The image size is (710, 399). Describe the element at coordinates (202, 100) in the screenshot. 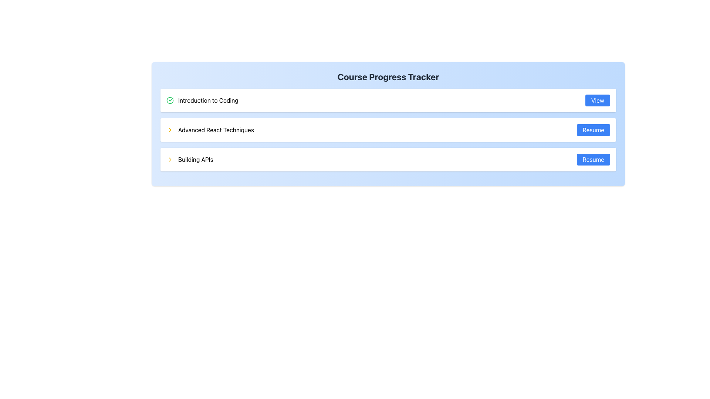

I see `the label with the title 'Introduction to Coding' located within the first card under 'Course Progress Tracker'` at that location.